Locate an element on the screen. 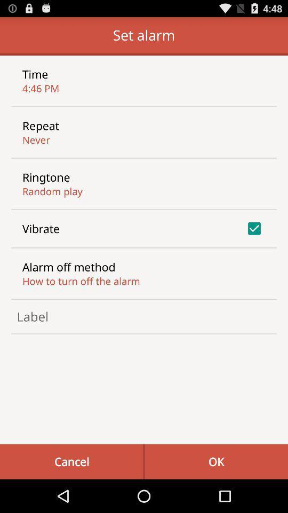 The image size is (288, 513). the icon to the right of the vibrate item is located at coordinates (253, 228).